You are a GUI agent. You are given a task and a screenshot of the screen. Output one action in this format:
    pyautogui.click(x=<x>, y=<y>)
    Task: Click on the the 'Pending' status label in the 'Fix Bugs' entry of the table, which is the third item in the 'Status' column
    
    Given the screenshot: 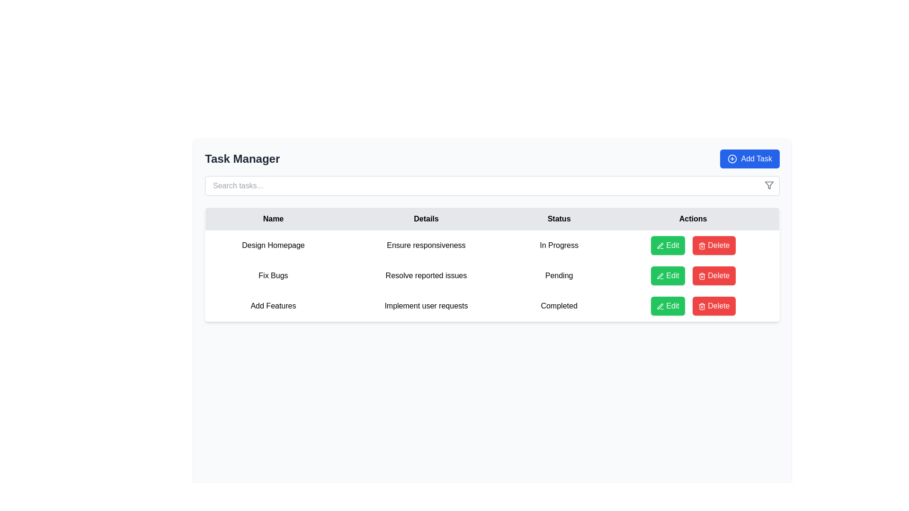 What is the action you would take?
    pyautogui.click(x=559, y=275)
    